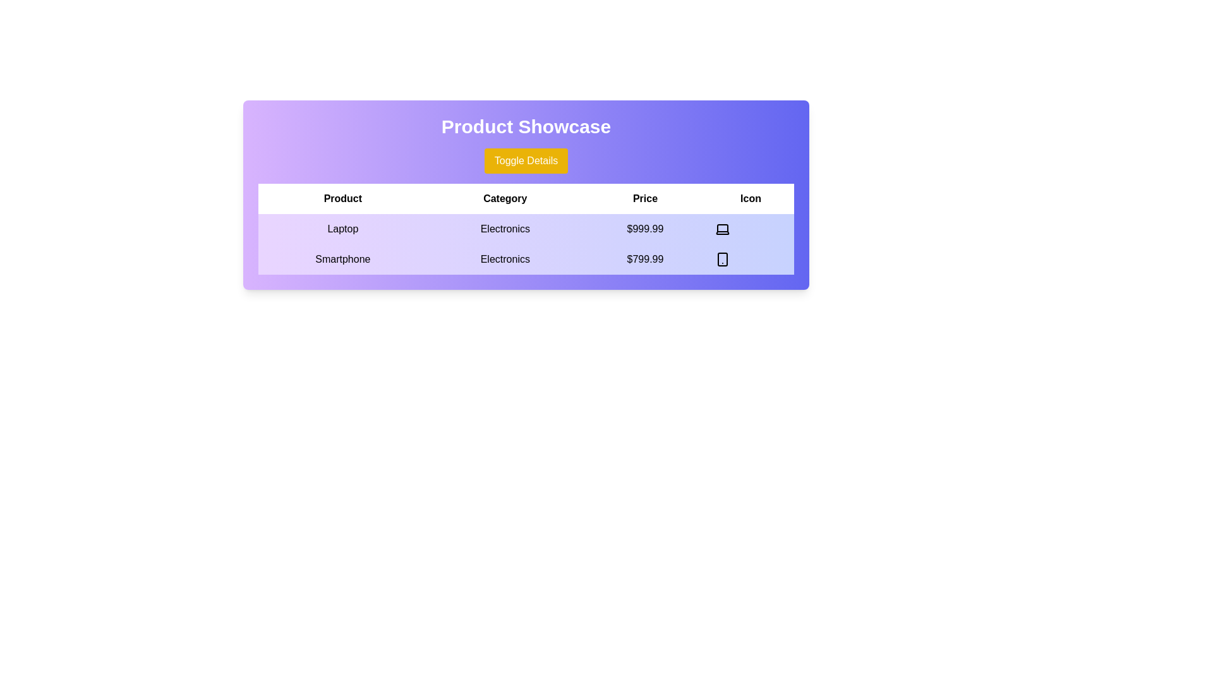 Image resolution: width=1213 pixels, height=682 pixels. What do you see at coordinates (504, 259) in the screenshot?
I see `the static text label in the second row of the table that specifies the product category, positioned between the 'Smartphone' label and the '$799.99' label` at bounding box center [504, 259].